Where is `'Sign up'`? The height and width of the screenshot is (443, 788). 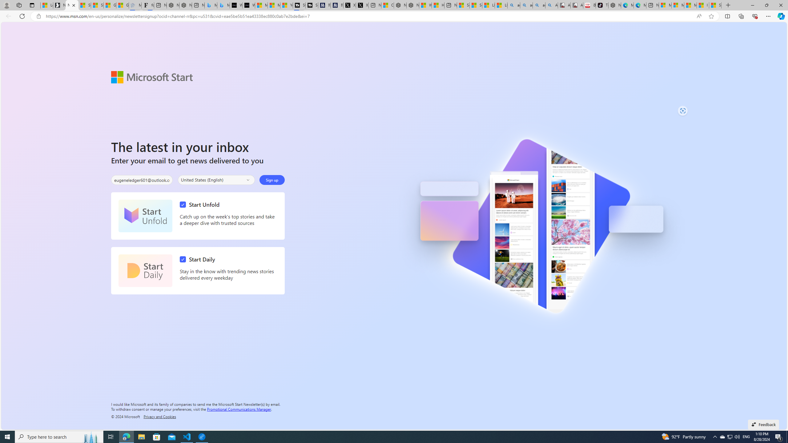
'Sign up' is located at coordinates (271, 180).